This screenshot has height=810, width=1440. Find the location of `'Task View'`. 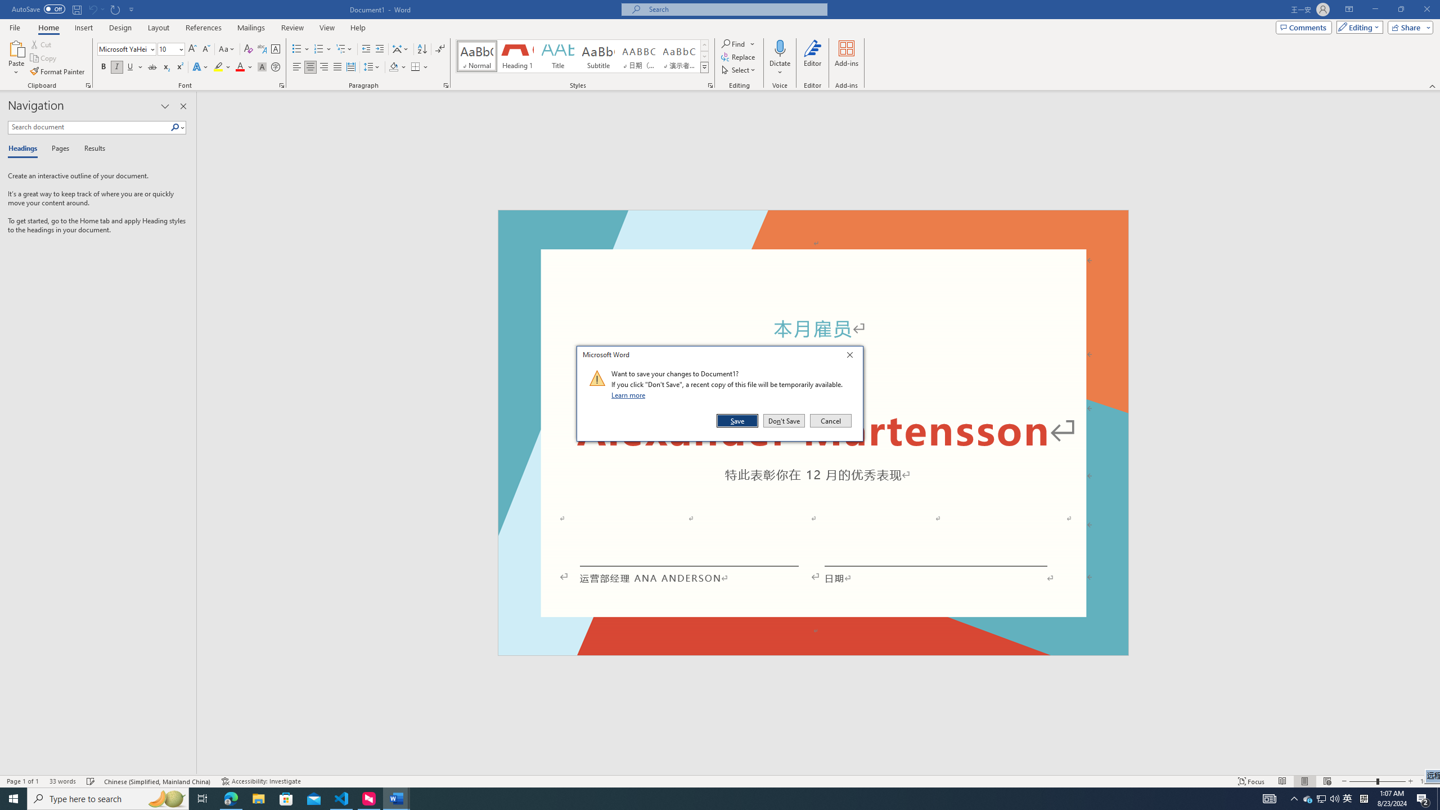

'Task View' is located at coordinates (201, 798).